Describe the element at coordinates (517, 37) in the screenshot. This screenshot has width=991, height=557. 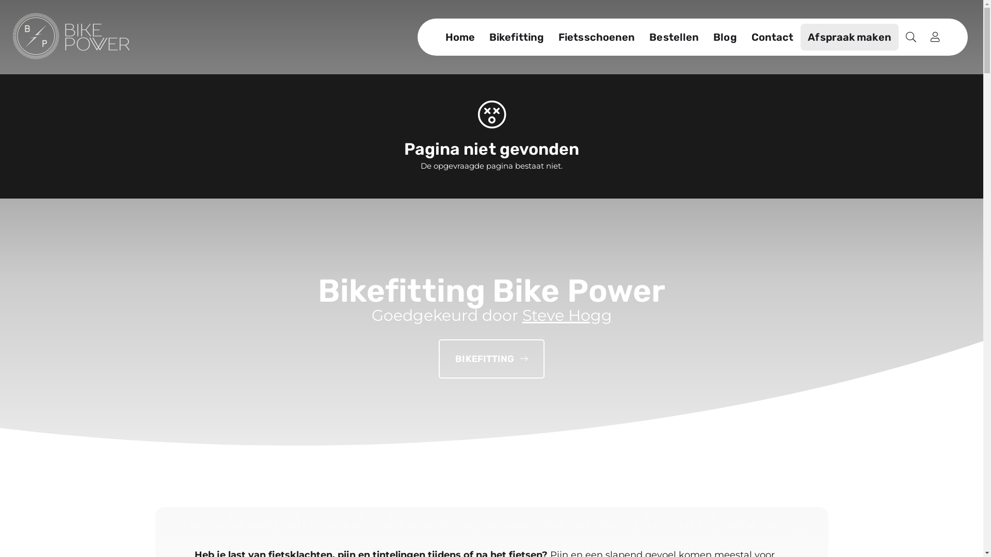
I see `'Bikefitting'` at that location.